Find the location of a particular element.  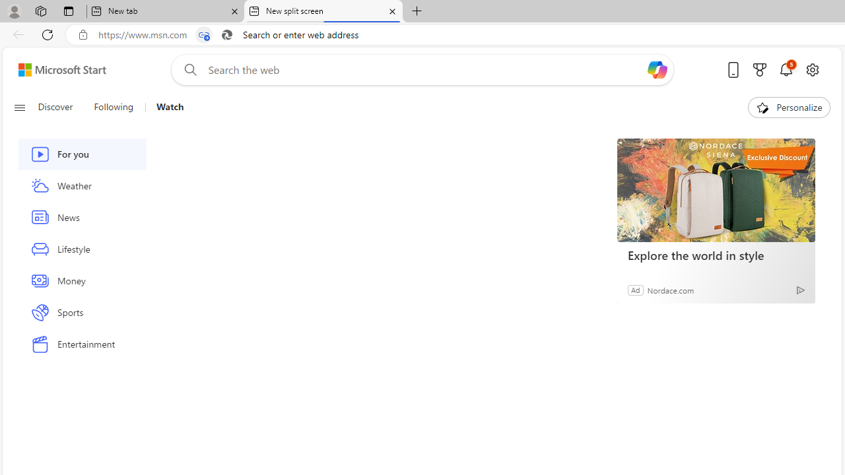

'Class: button-glyph' is located at coordinates (19, 107).